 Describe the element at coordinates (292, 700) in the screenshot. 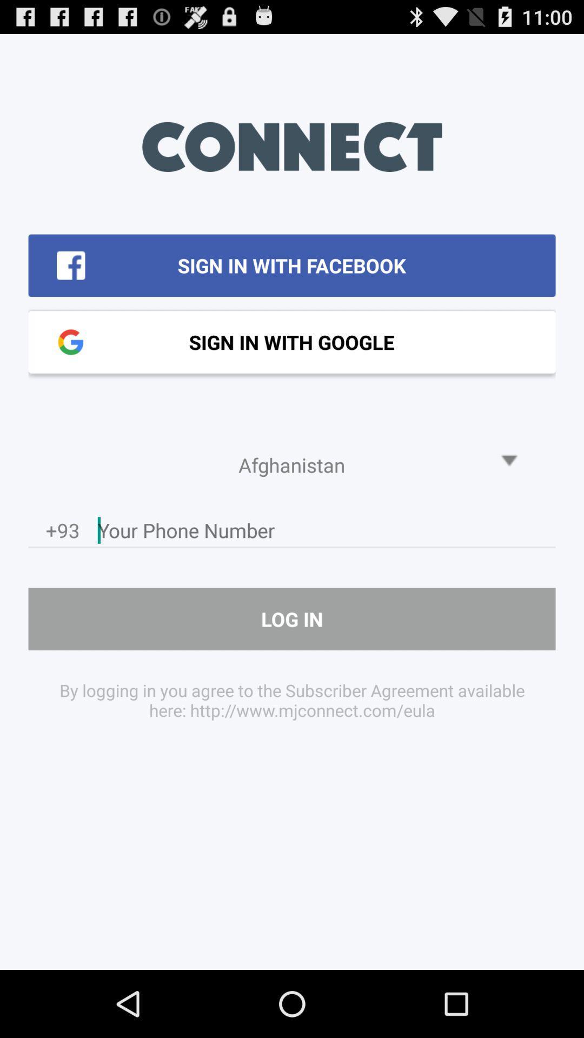

I see `the by logging in at the bottom` at that location.